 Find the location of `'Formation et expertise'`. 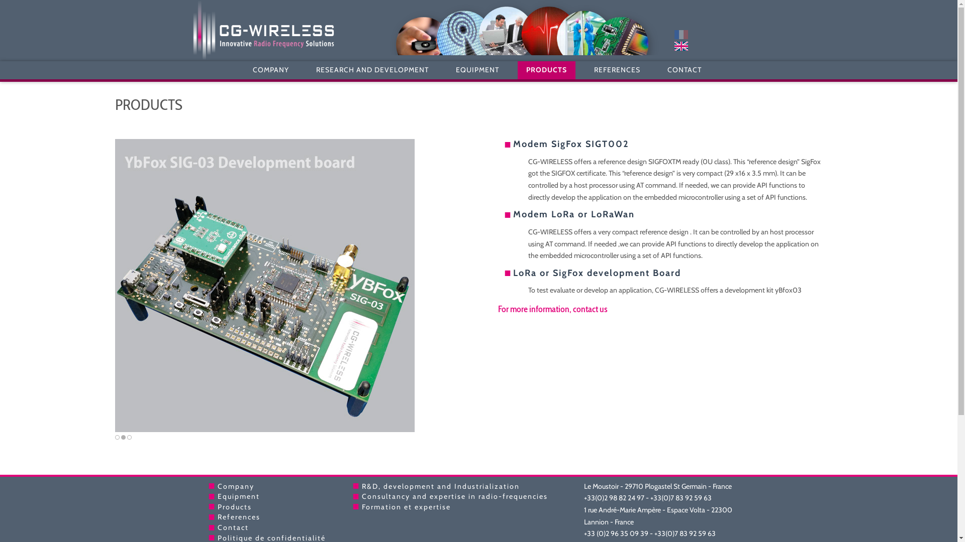

'Formation et expertise' is located at coordinates (406, 507).